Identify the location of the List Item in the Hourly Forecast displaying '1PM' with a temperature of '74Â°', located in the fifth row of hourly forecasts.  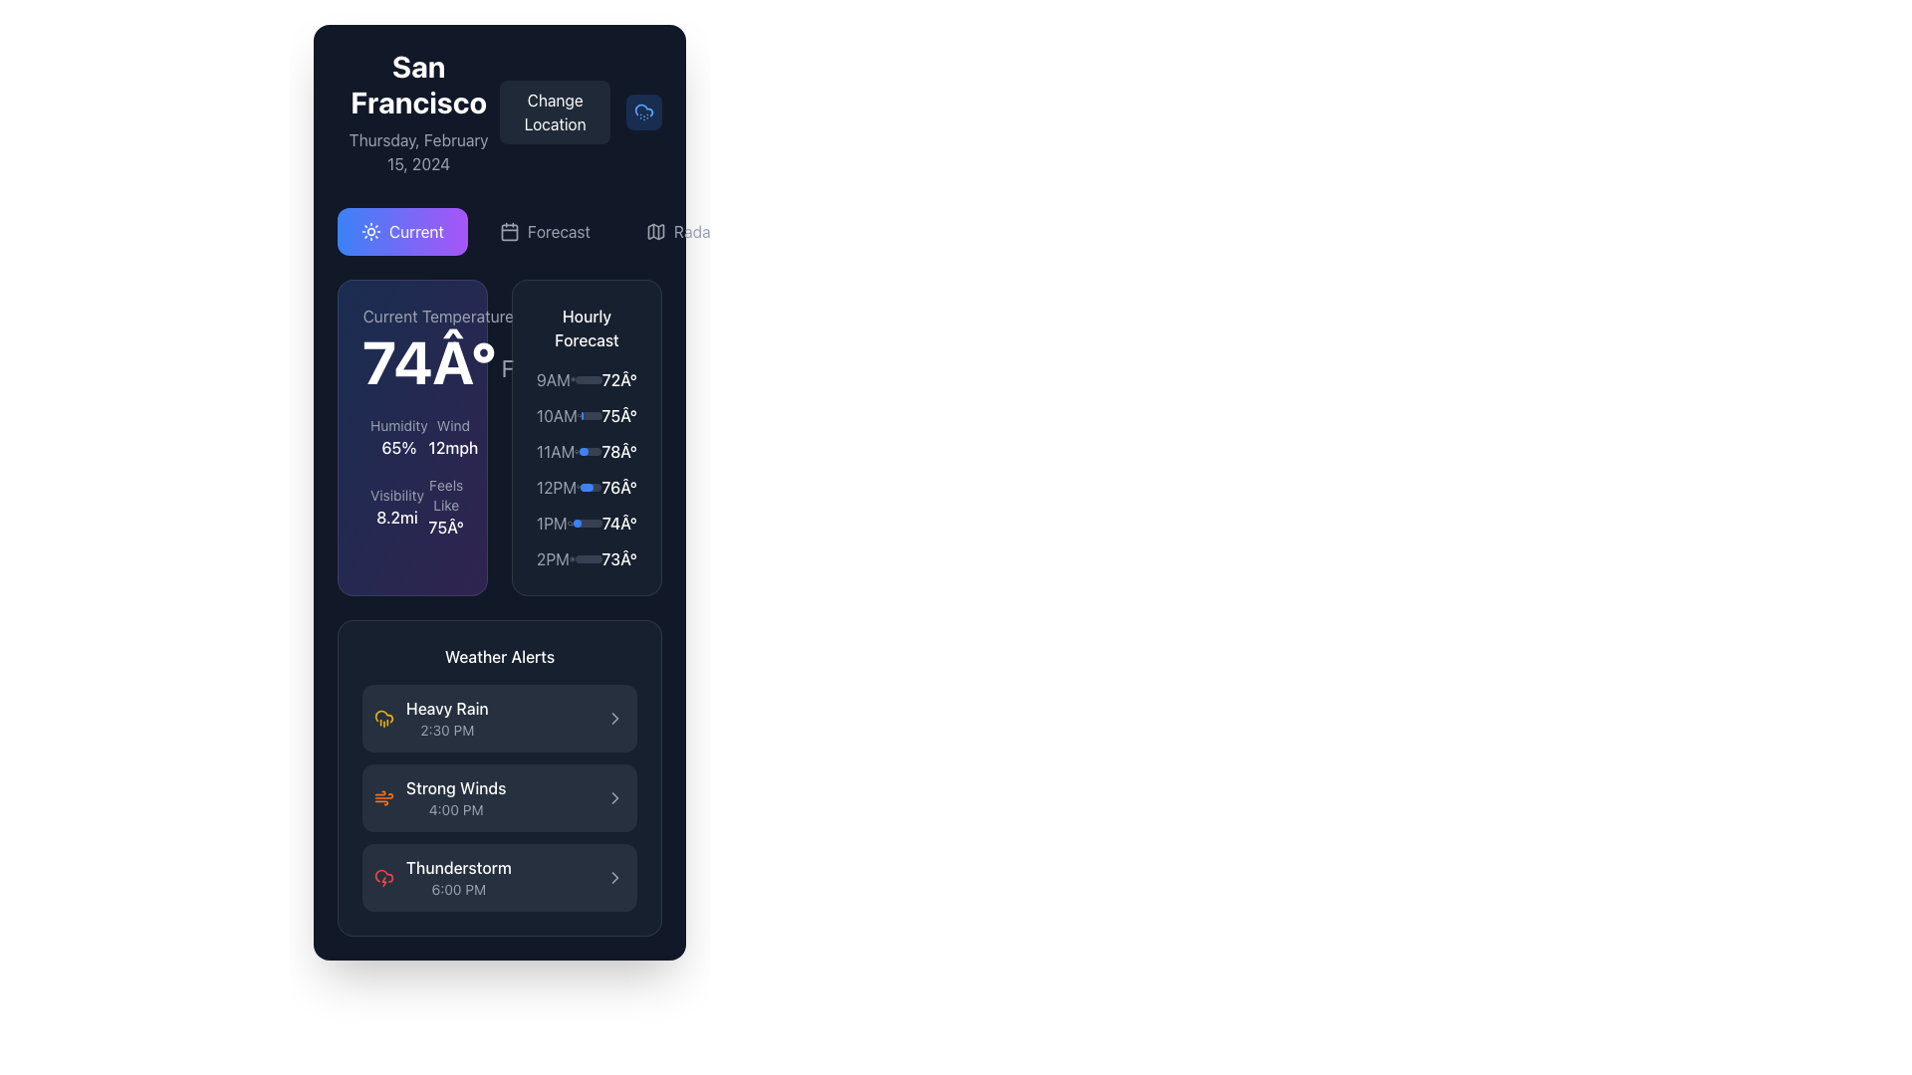
(586, 522).